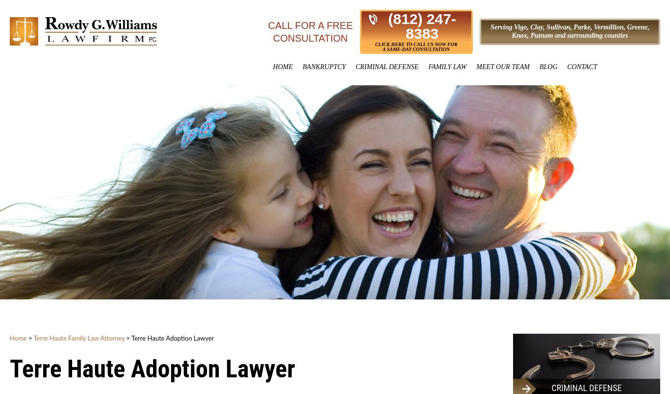 This screenshot has width=670, height=394. Describe the element at coordinates (502, 67) in the screenshot. I see `'Meet Our Team'` at that location.